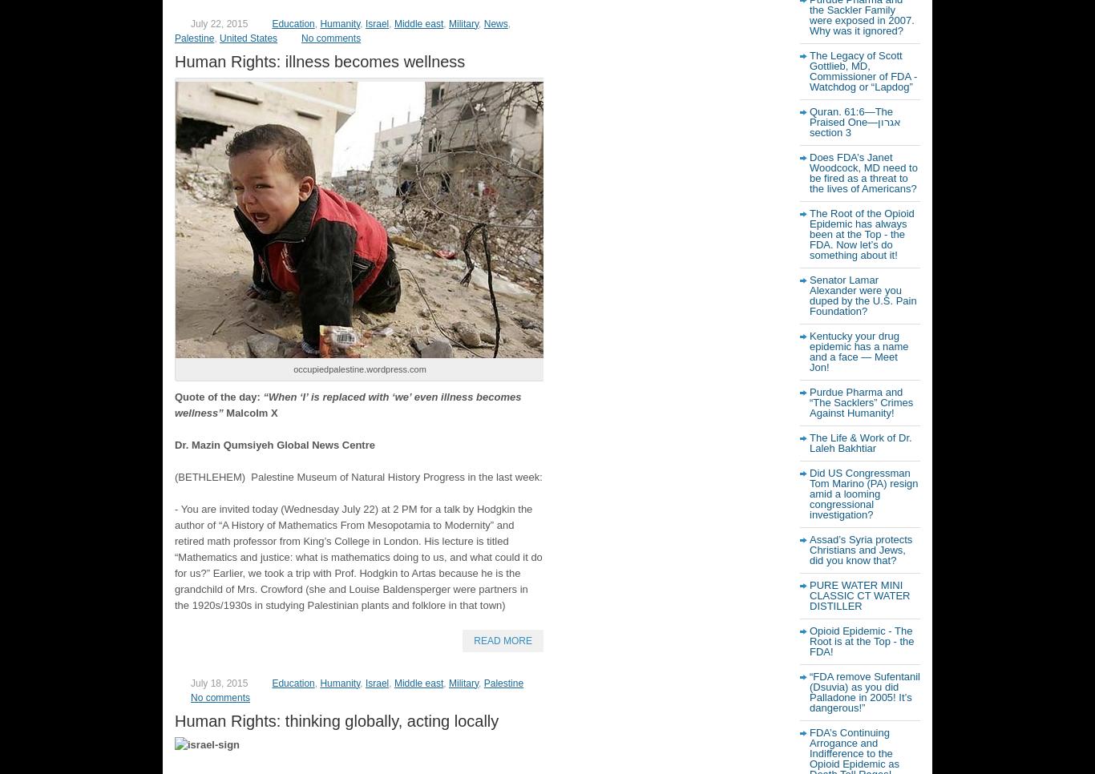  Describe the element at coordinates (219, 22) in the screenshot. I see `'July 22, 2015'` at that location.